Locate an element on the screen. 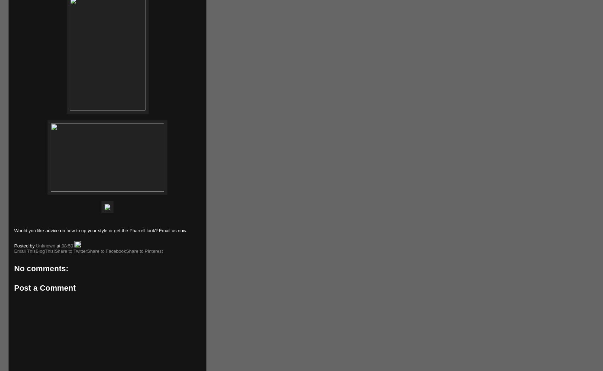 Image resolution: width=603 pixels, height=371 pixels. 'Would you like advice on how to up your style or get the Pharrell look? Email us now.' is located at coordinates (101, 230).